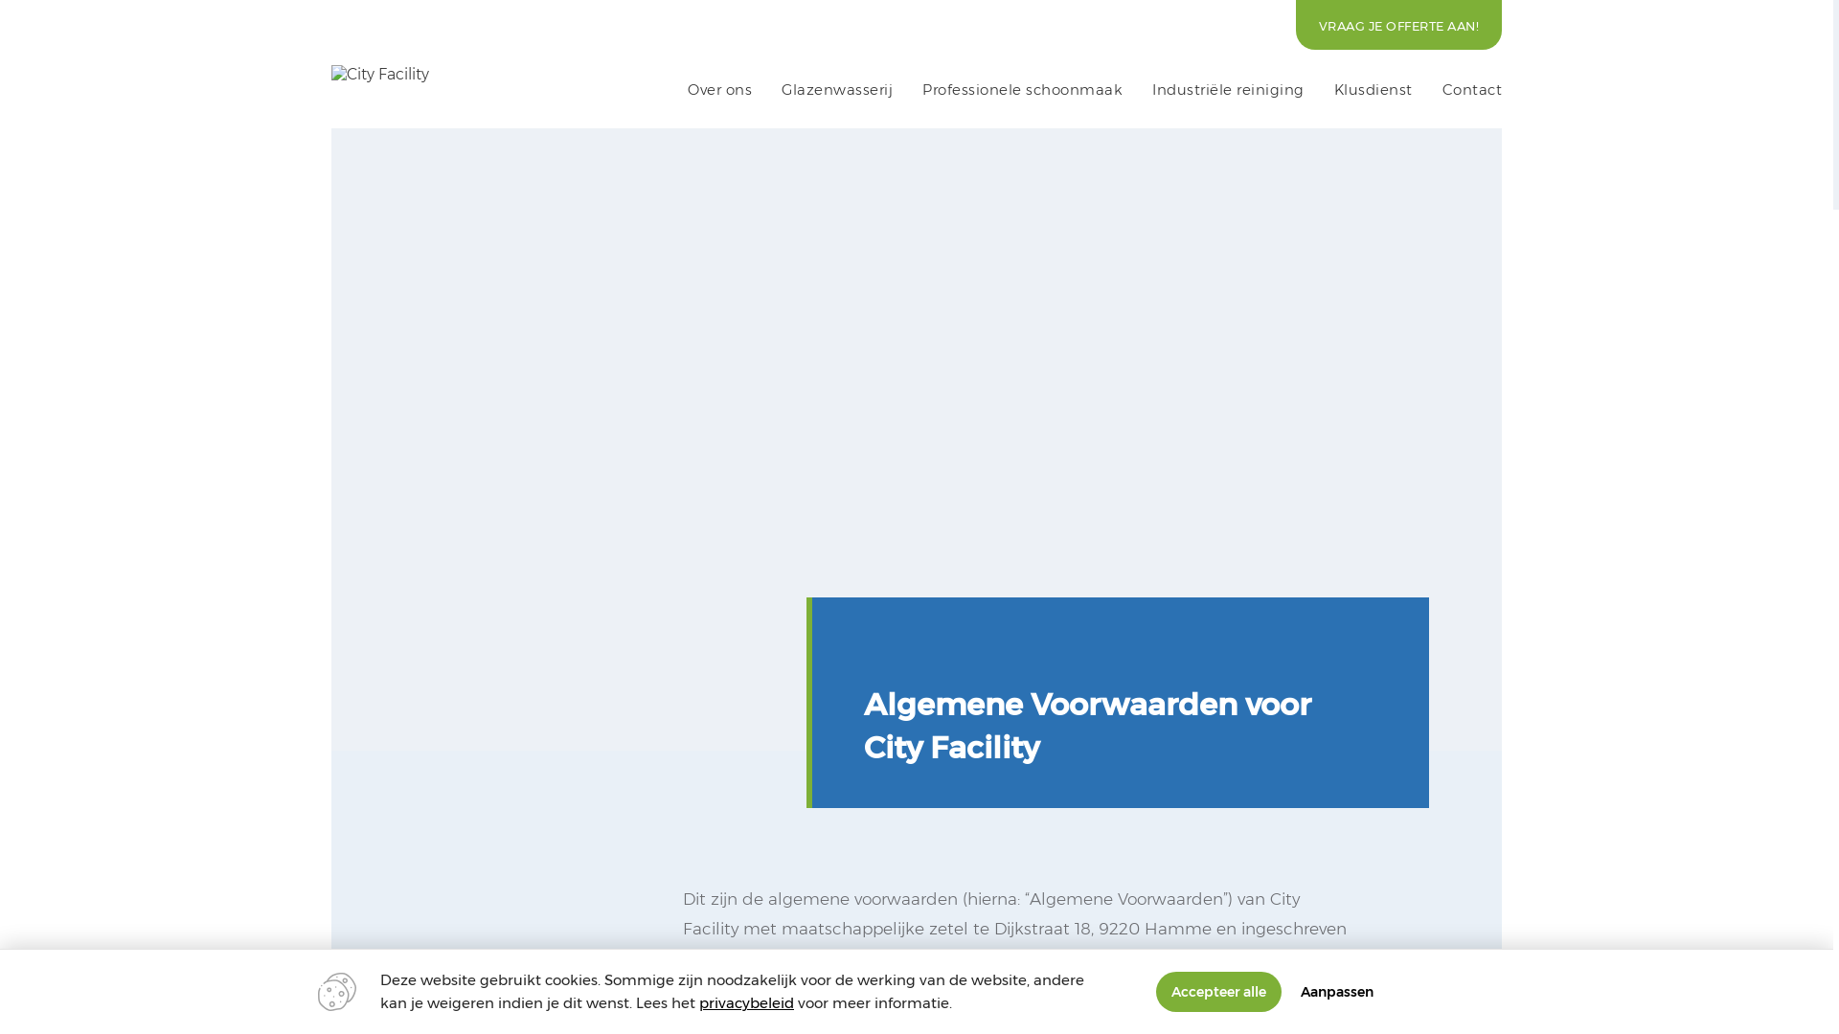 This screenshot has width=1839, height=1034. I want to click on 'Klusdienst', so click(1373, 89).